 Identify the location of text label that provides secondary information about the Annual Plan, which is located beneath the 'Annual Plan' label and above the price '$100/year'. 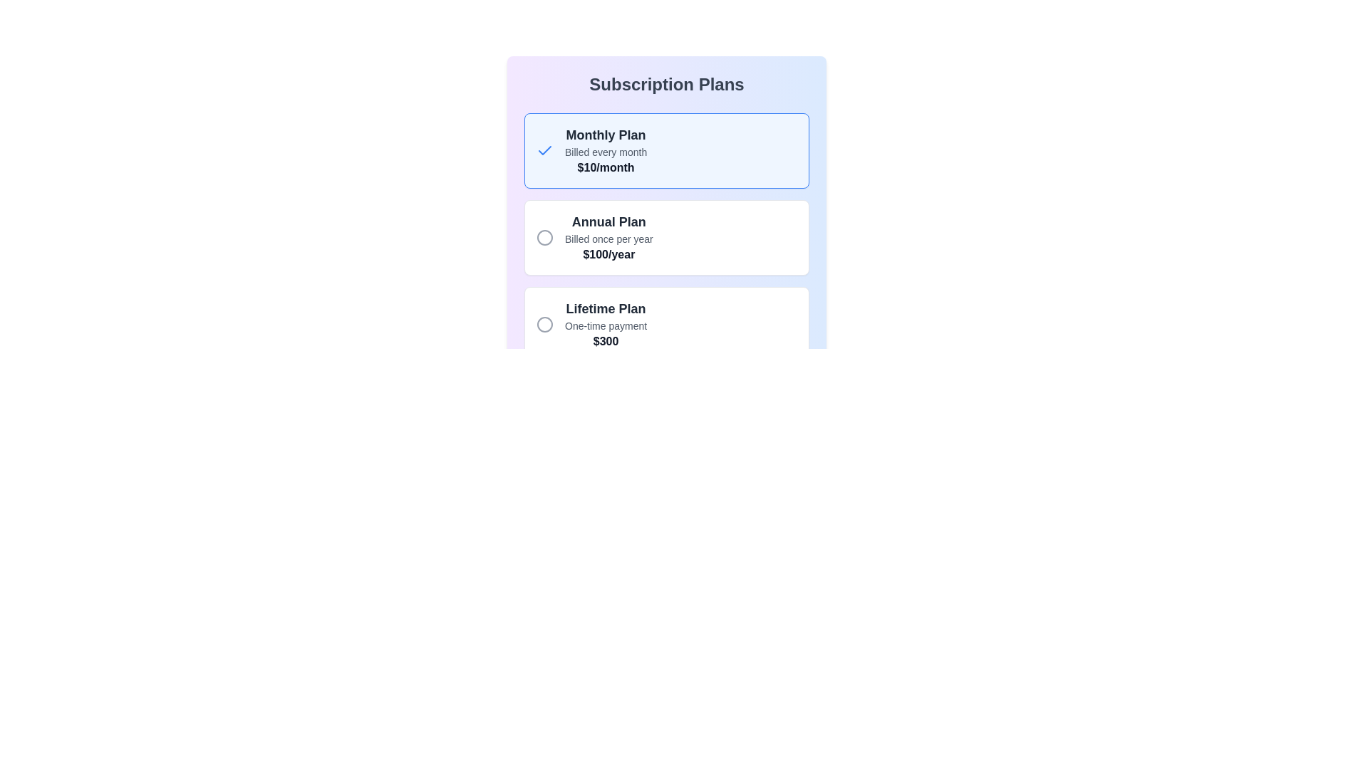
(608, 238).